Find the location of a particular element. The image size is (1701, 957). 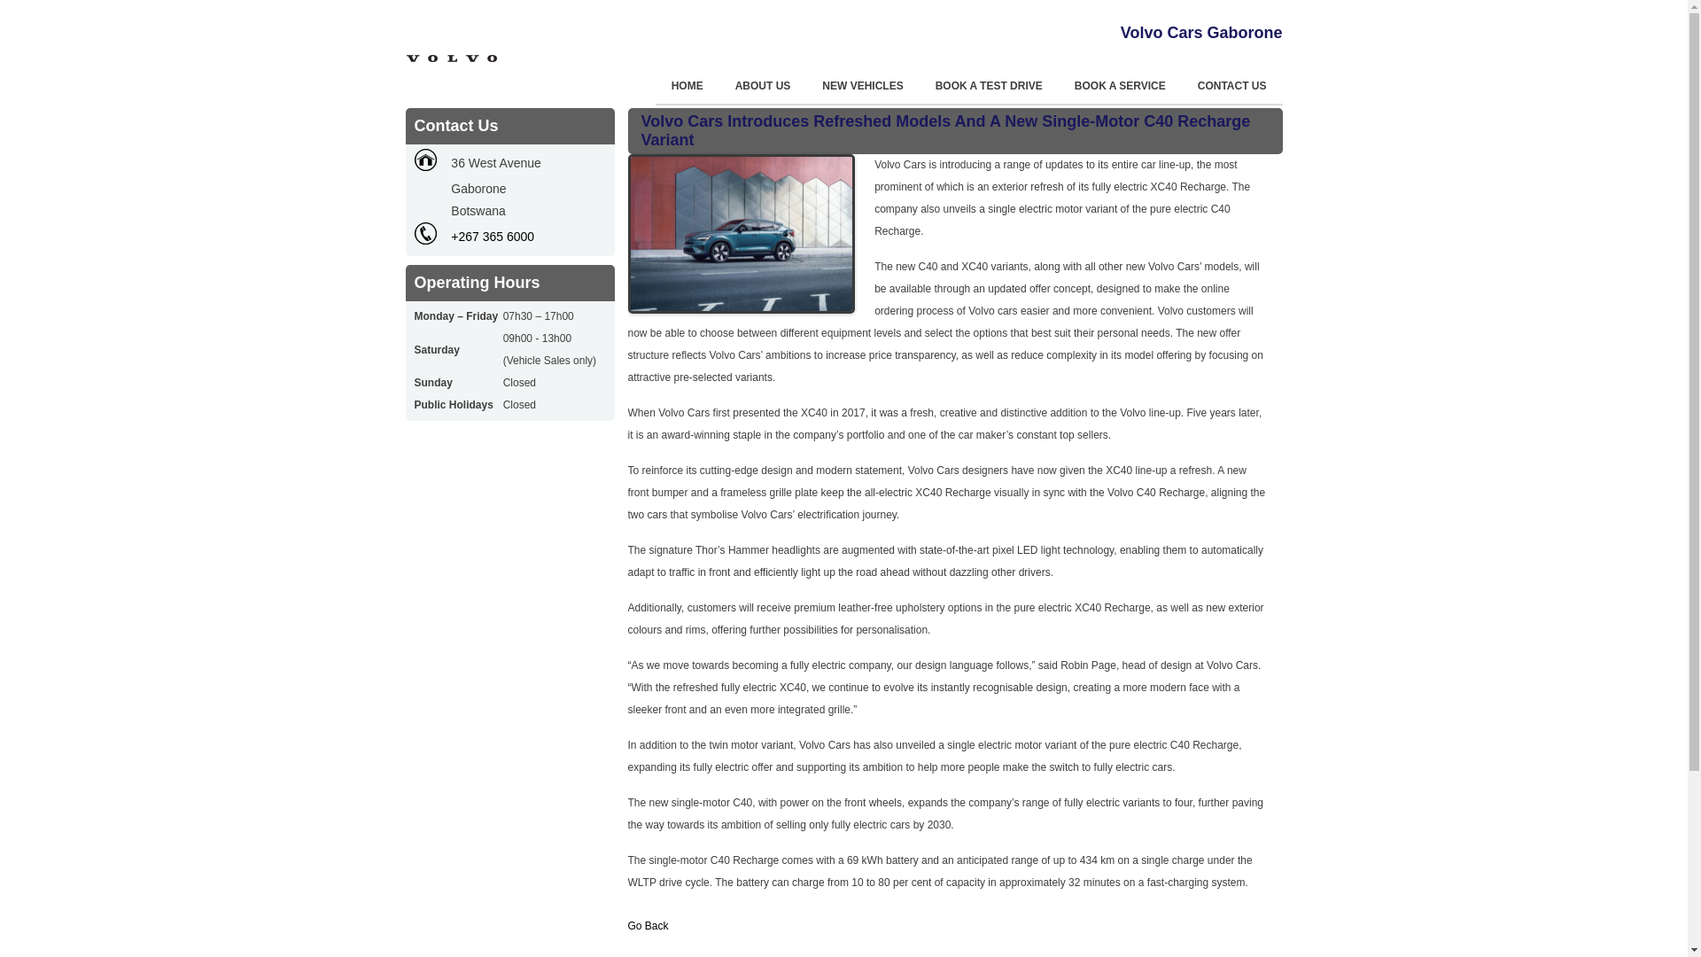

'ABOUT US' is located at coordinates (763, 86).